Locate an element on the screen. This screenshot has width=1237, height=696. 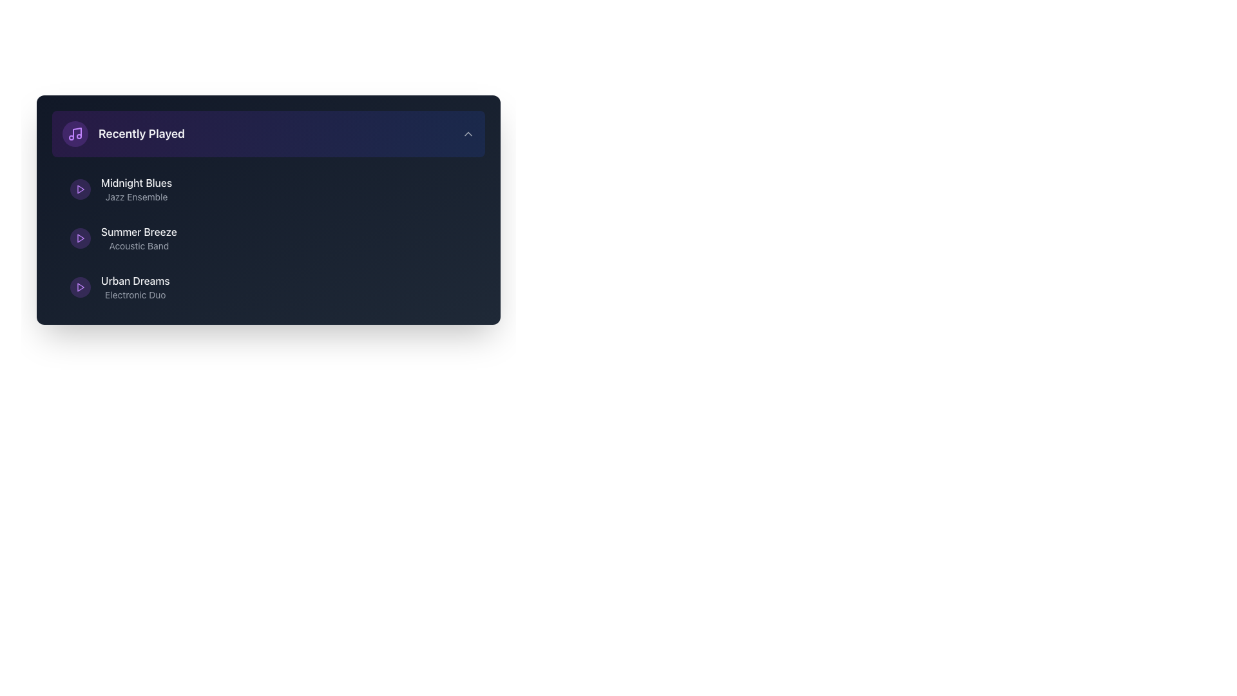
the circular icon button with a purple background and play symbol located to the immediate left of the text 'Summer Breeze Acoustic Band' in the 'Recently Played' section is located at coordinates (79, 238).